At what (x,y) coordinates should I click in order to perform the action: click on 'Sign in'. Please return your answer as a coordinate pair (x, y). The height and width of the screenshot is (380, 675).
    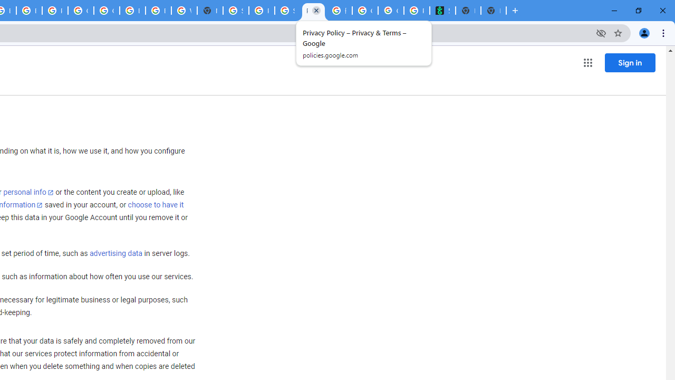
    Looking at the image, I should click on (630, 62).